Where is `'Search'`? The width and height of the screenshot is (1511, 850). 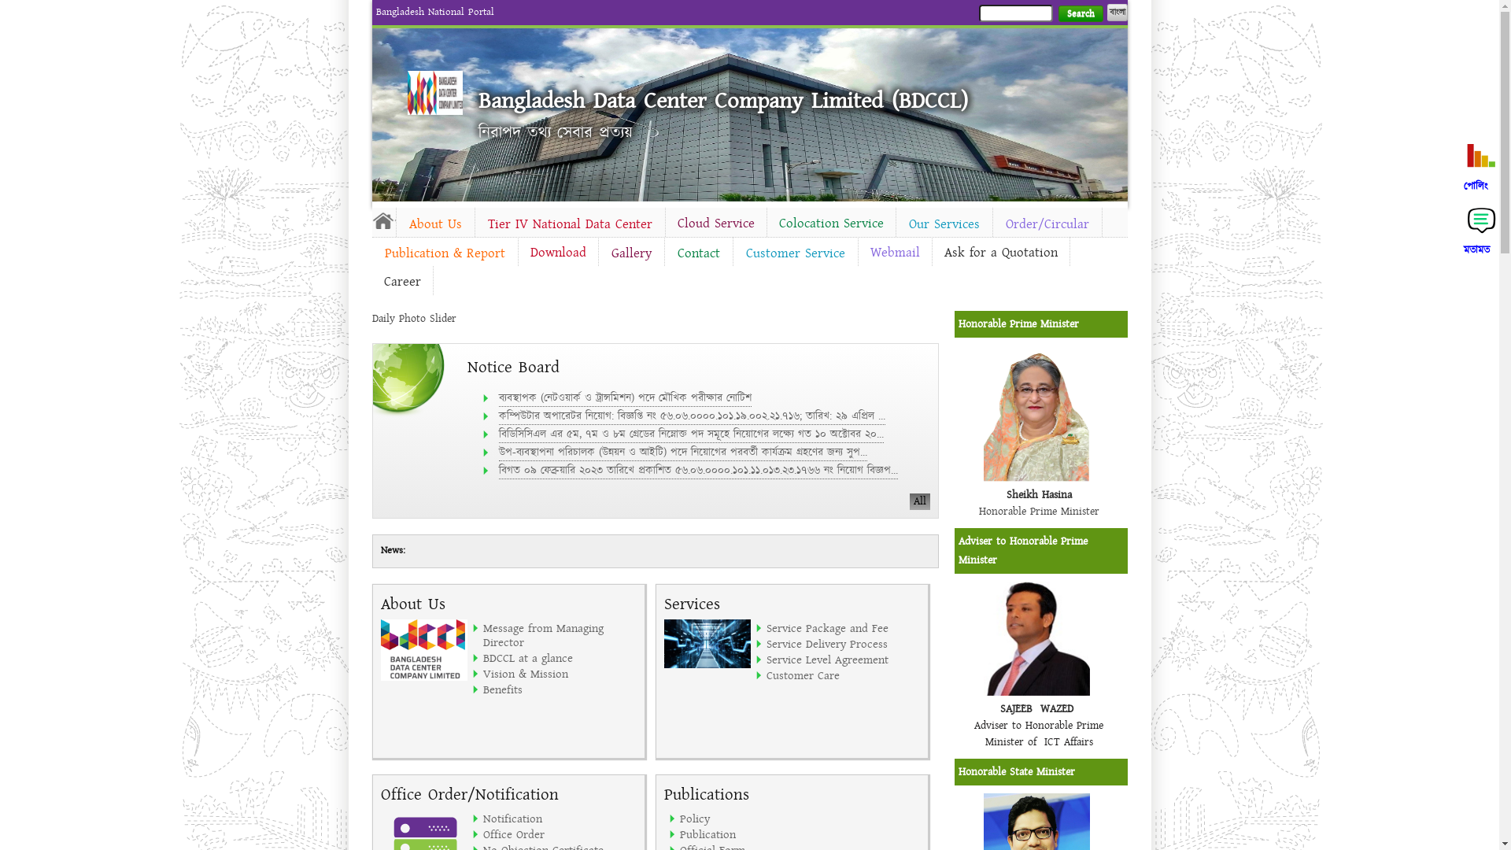 'Search' is located at coordinates (1079, 13).